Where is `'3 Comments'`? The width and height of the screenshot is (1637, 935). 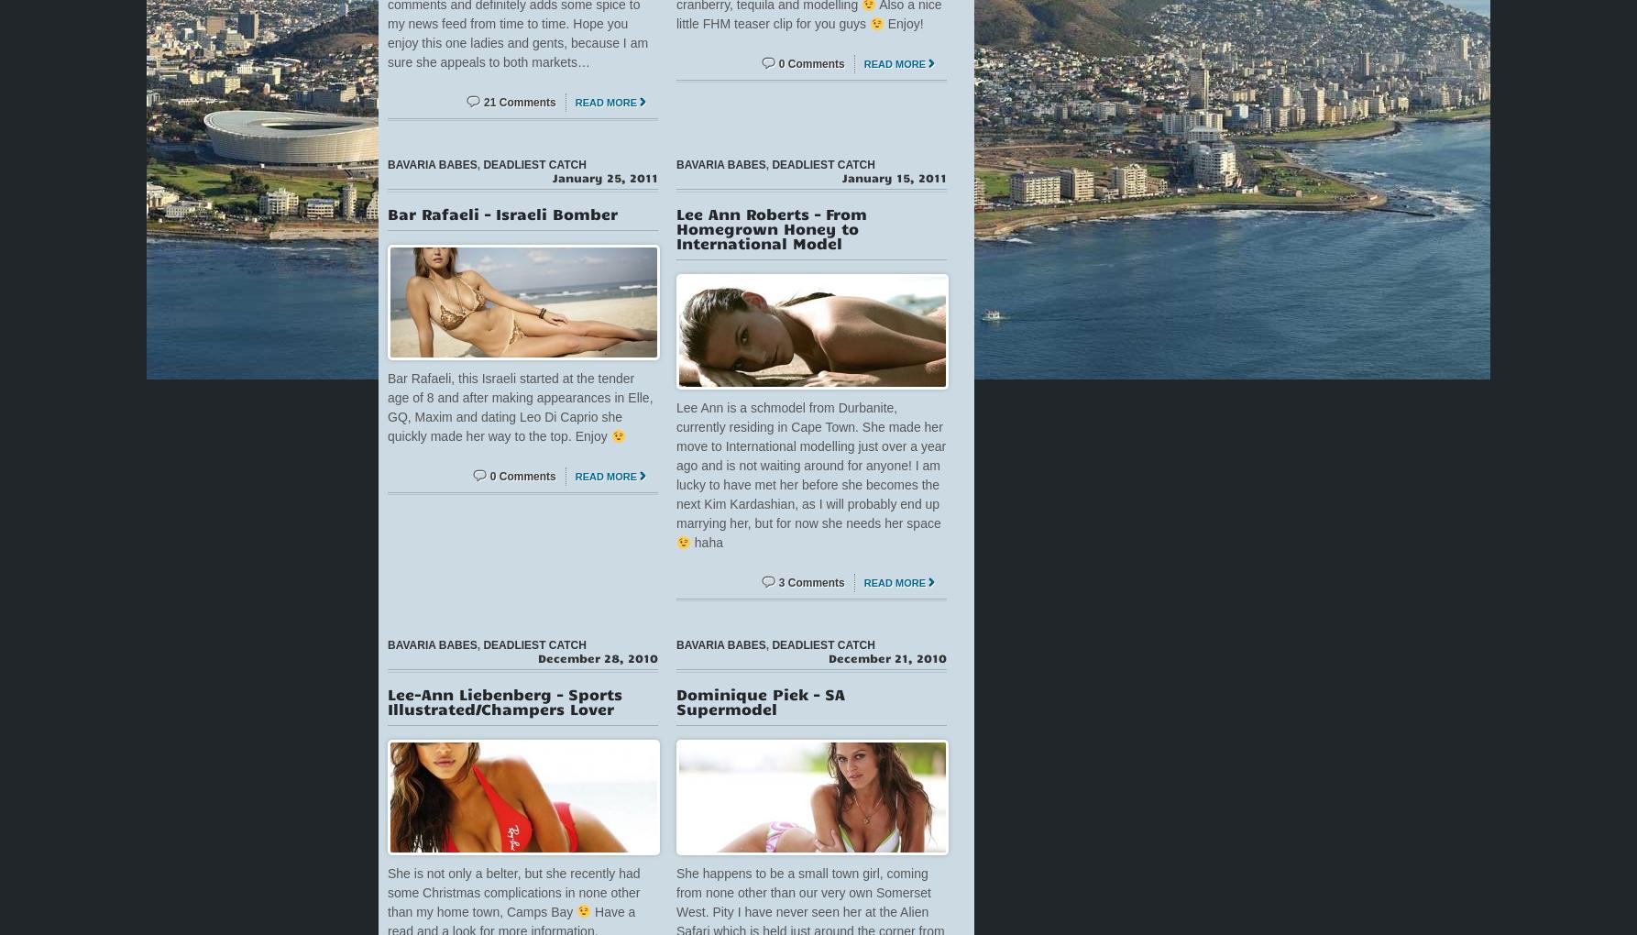 '3 Comments' is located at coordinates (809, 580).